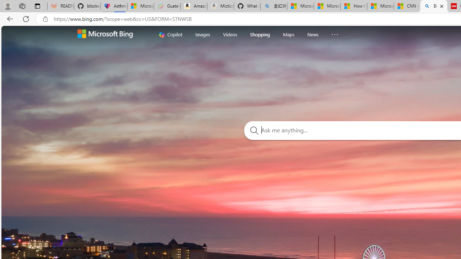  I want to click on 'CNN - MSN', so click(407, 6).